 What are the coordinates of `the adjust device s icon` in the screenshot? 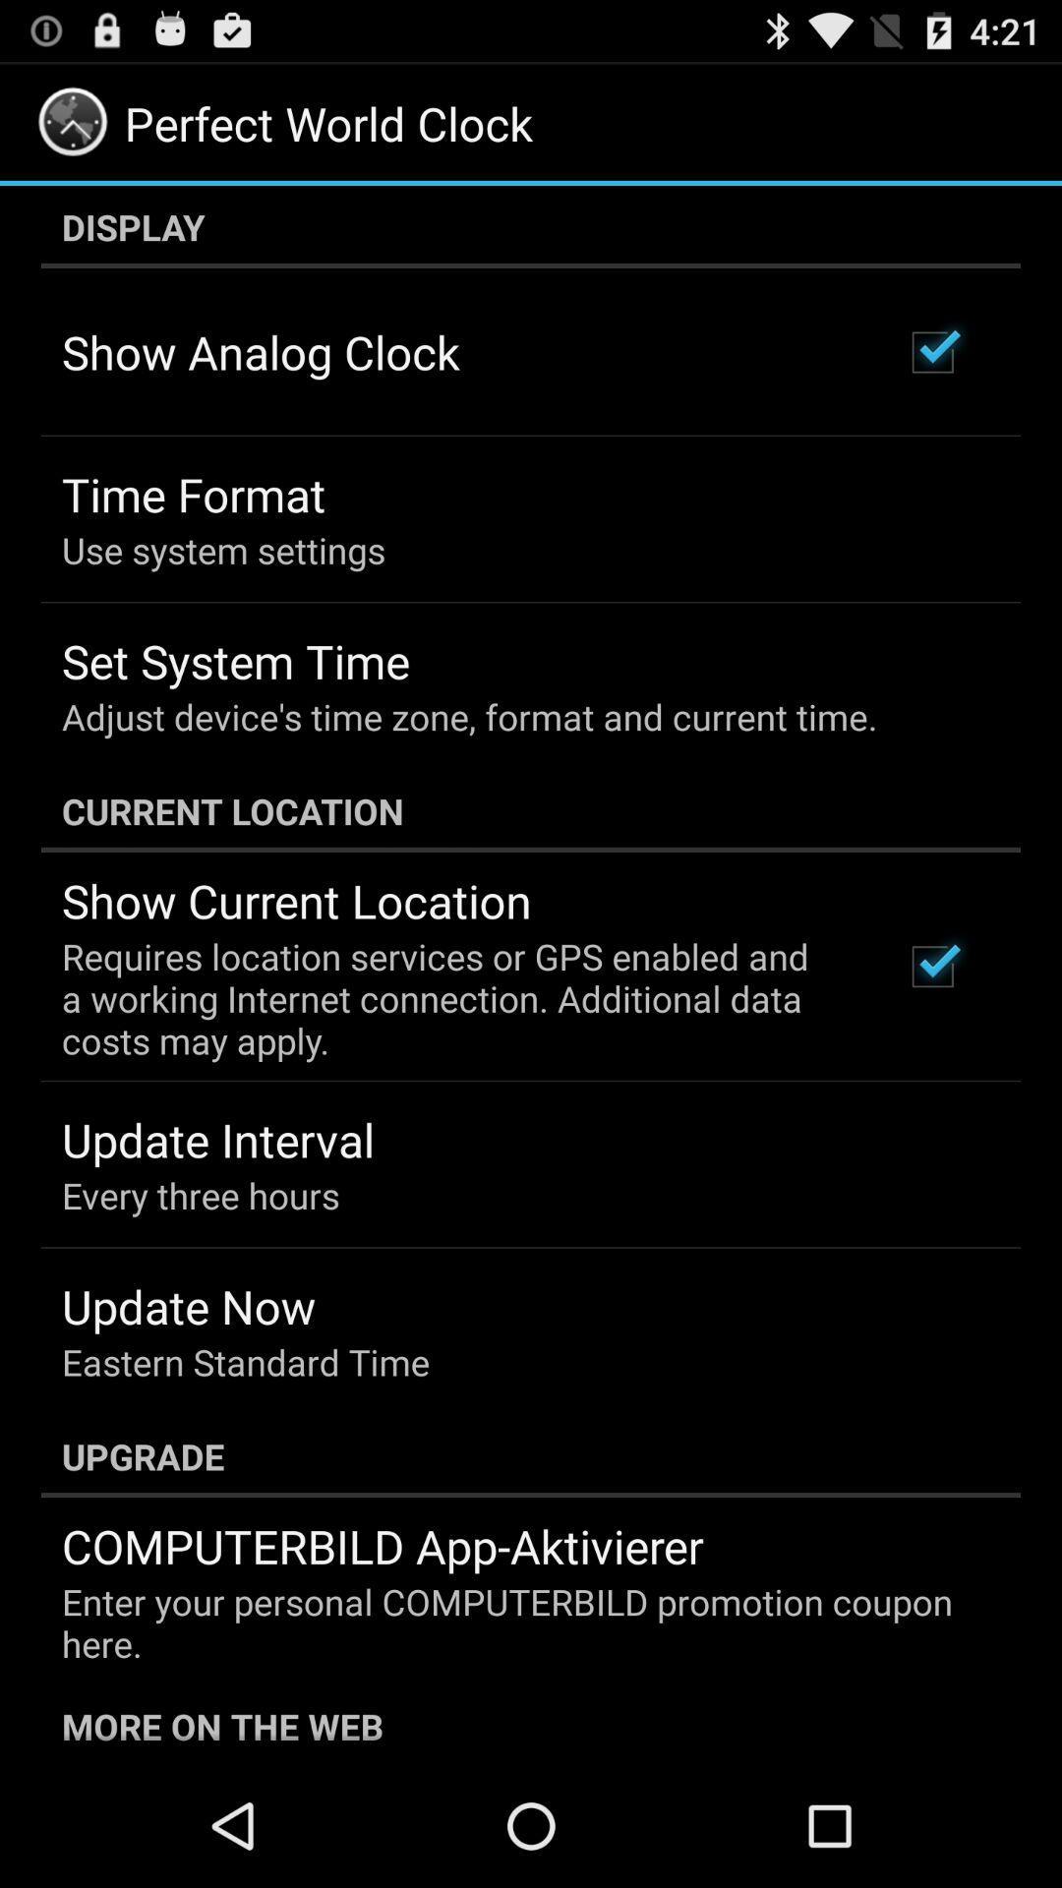 It's located at (469, 716).